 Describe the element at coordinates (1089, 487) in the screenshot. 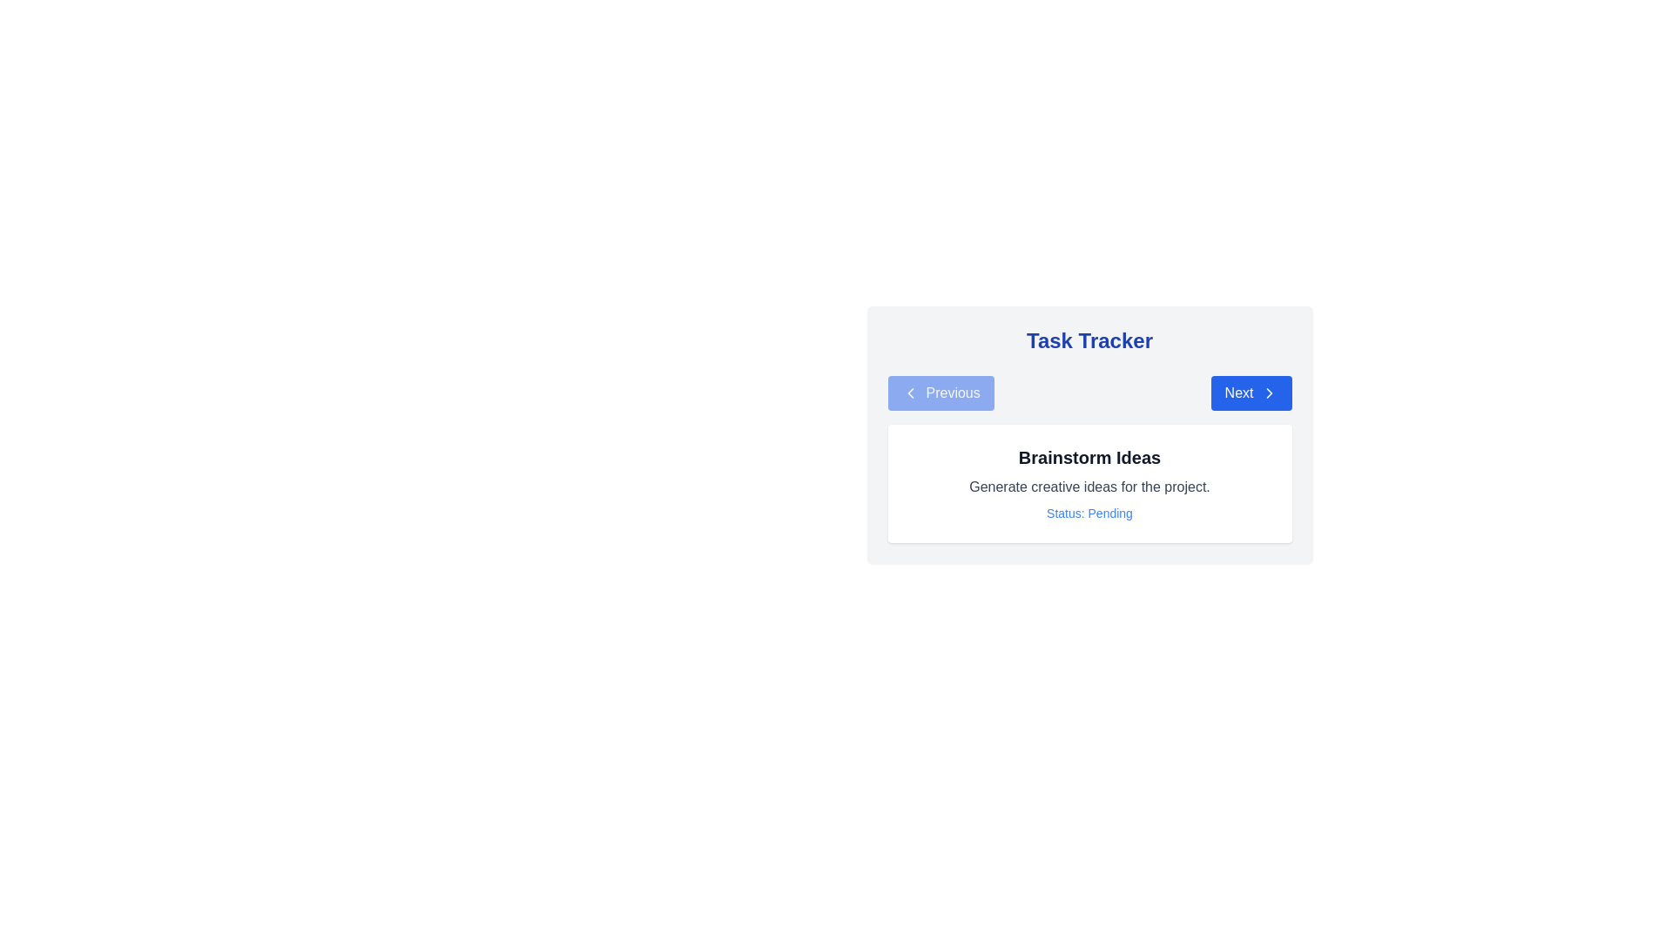

I see `the static text label that provides descriptive information about the task 'Brainstorm Ideas' in the Task Tracker interface` at that location.